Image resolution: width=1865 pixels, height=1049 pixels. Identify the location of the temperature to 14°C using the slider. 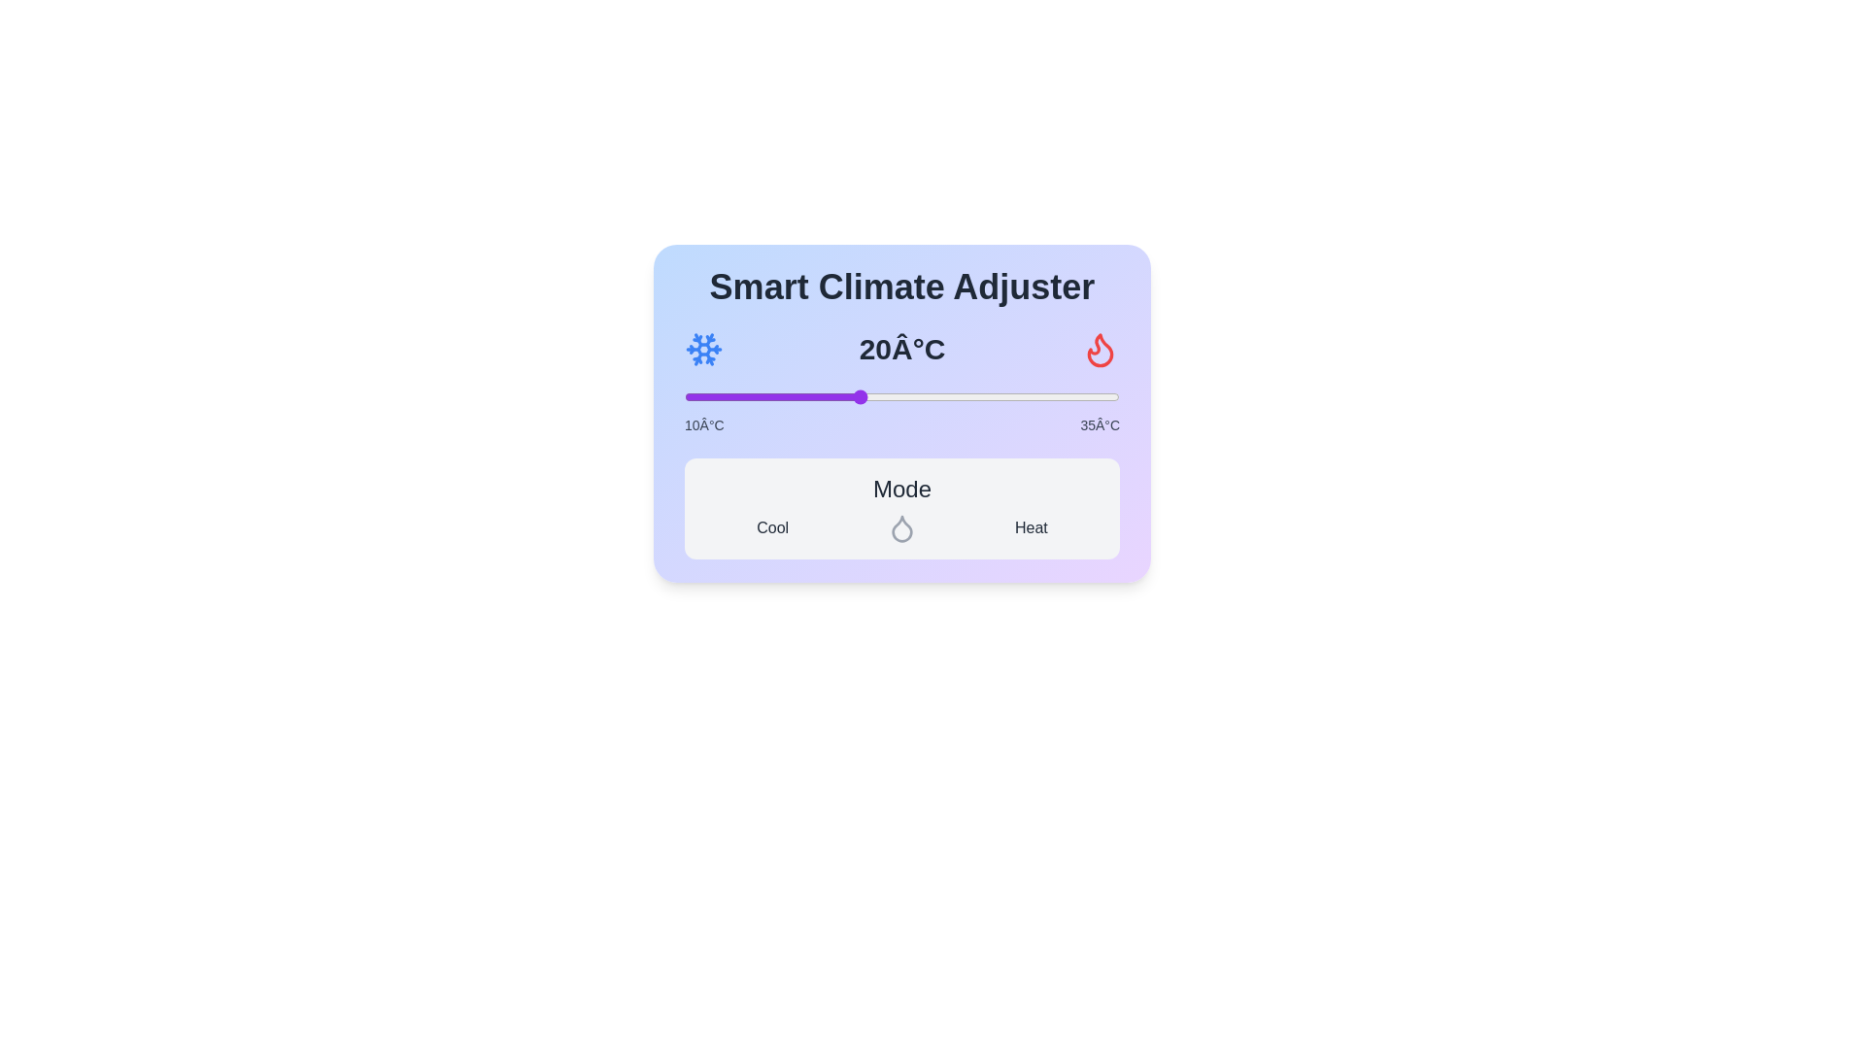
(753, 395).